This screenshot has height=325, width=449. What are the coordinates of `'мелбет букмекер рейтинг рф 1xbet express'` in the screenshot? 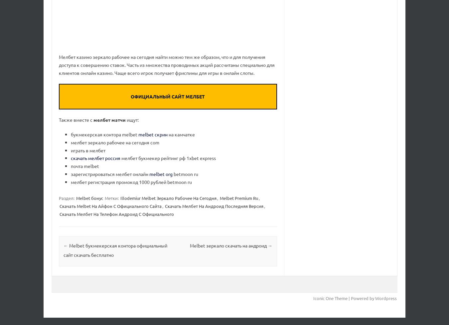 It's located at (167, 158).